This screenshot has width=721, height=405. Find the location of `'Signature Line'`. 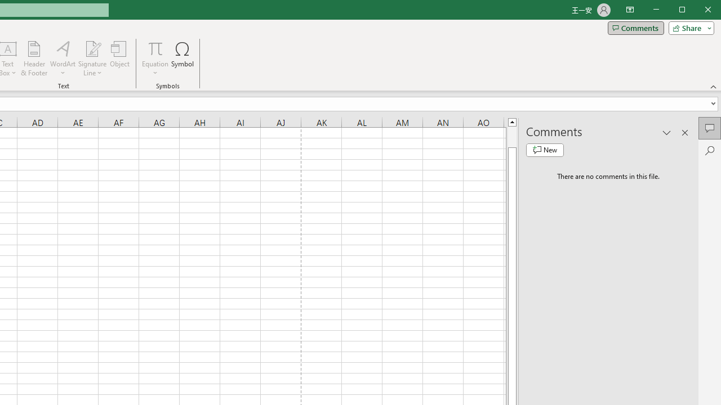

'Signature Line' is located at coordinates (92, 58).